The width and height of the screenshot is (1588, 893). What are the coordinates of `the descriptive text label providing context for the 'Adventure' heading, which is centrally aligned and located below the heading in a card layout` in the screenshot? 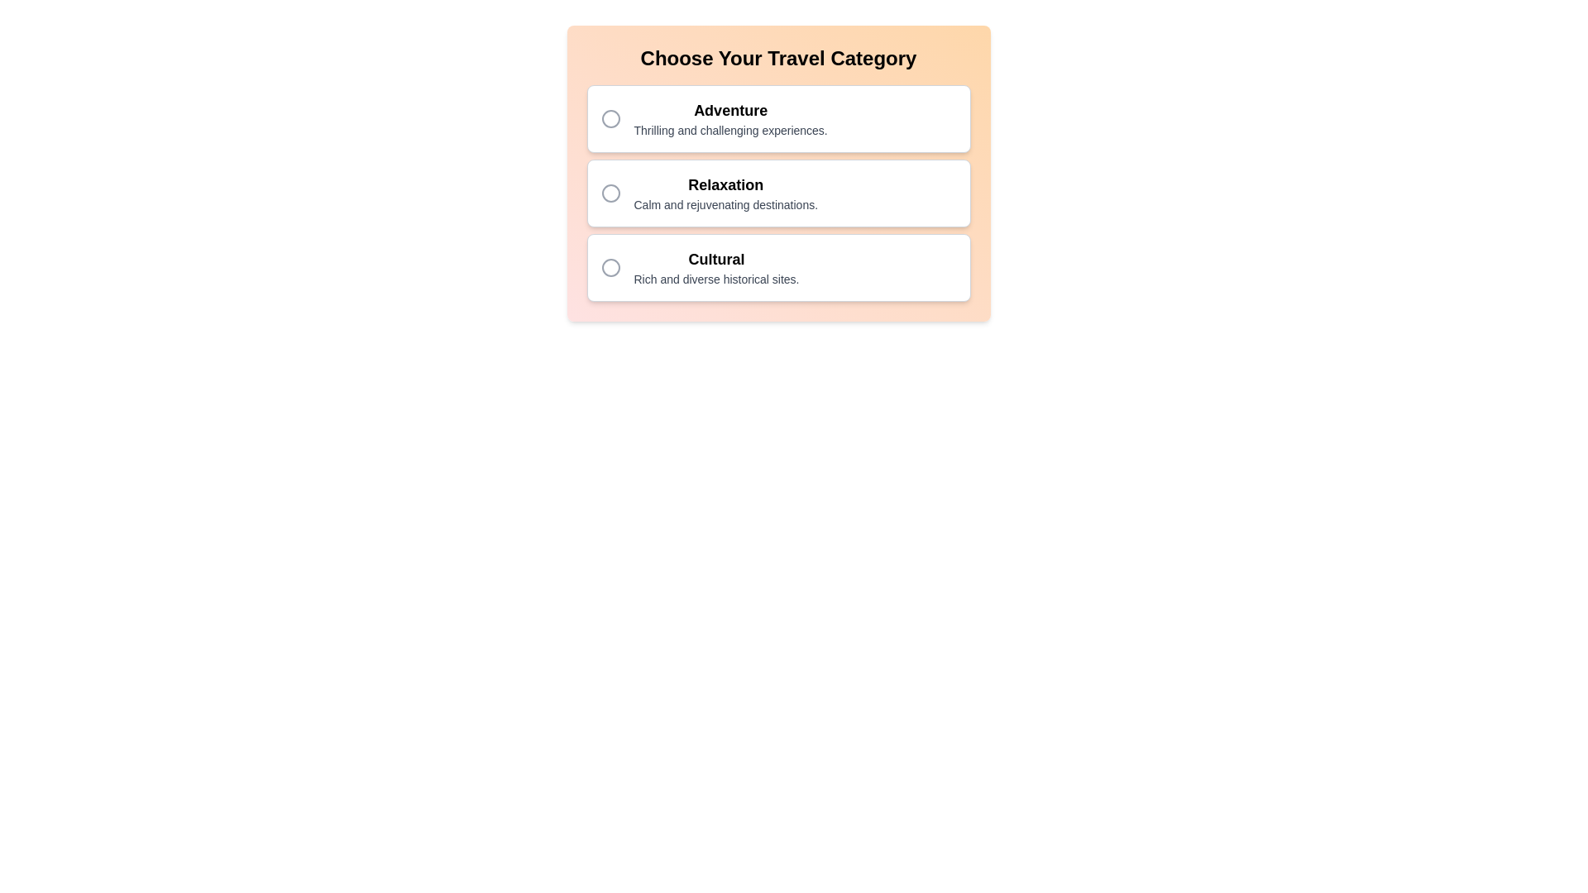 It's located at (729, 130).